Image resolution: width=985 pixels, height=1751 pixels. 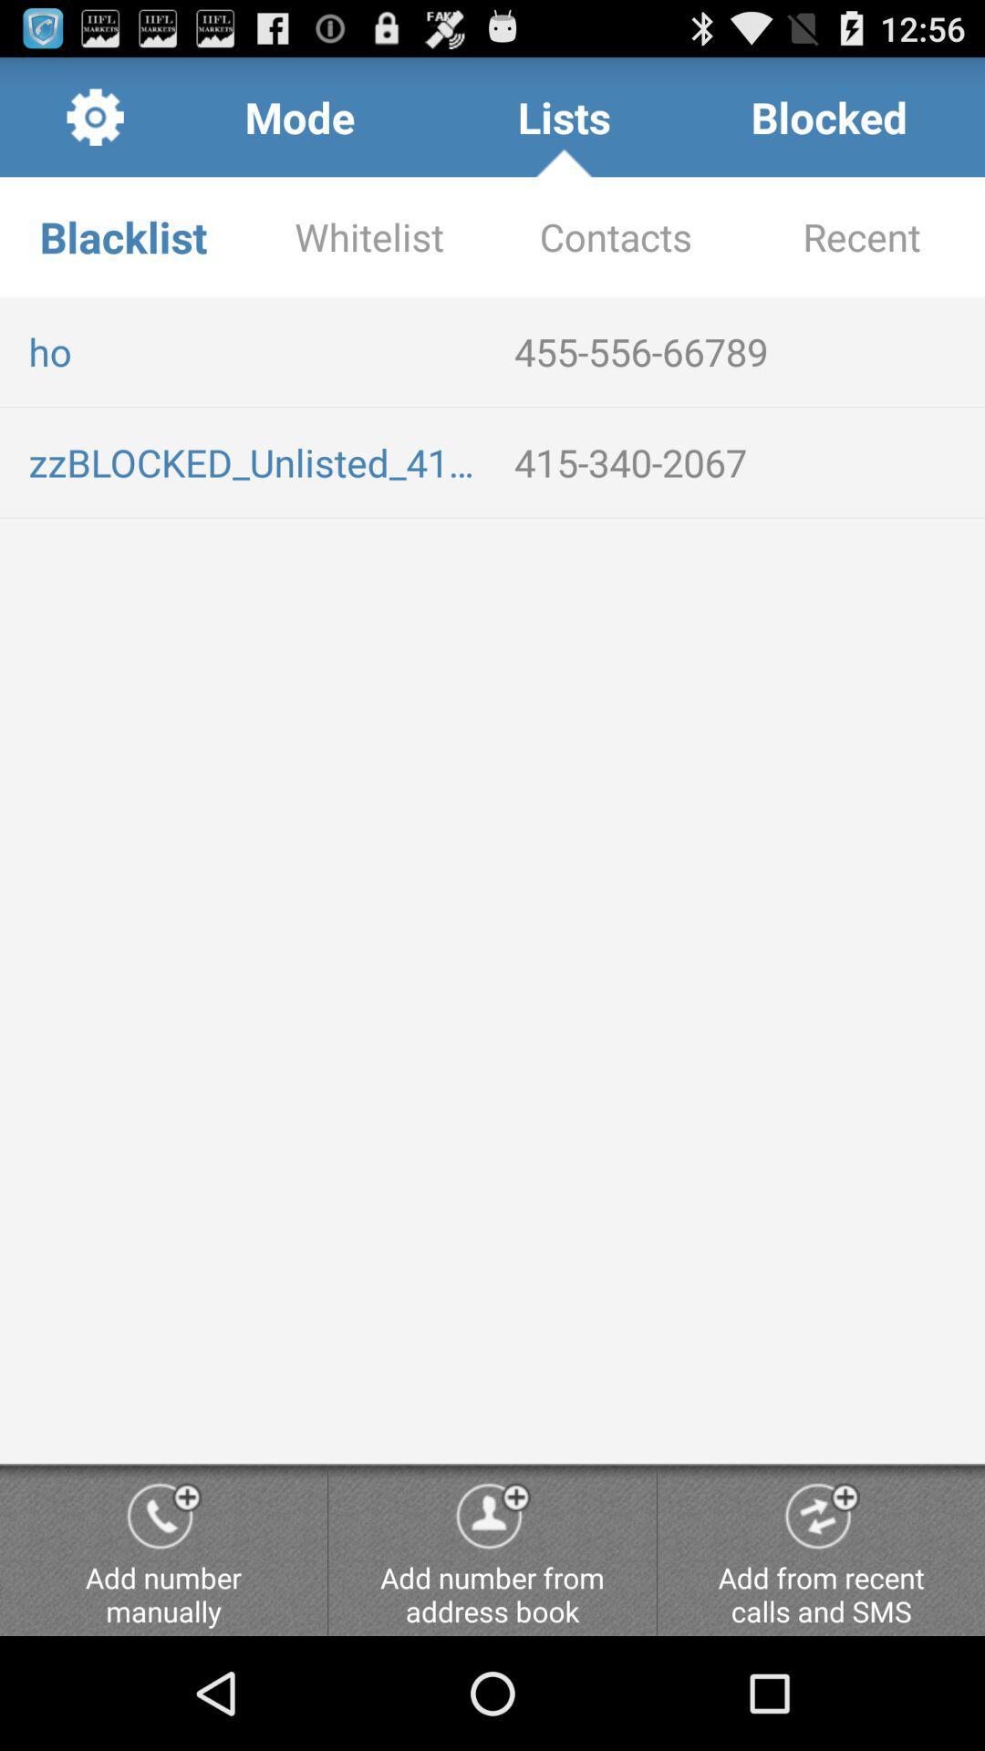 I want to click on the app to the right of the blacklist app, so click(x=369, y=235).